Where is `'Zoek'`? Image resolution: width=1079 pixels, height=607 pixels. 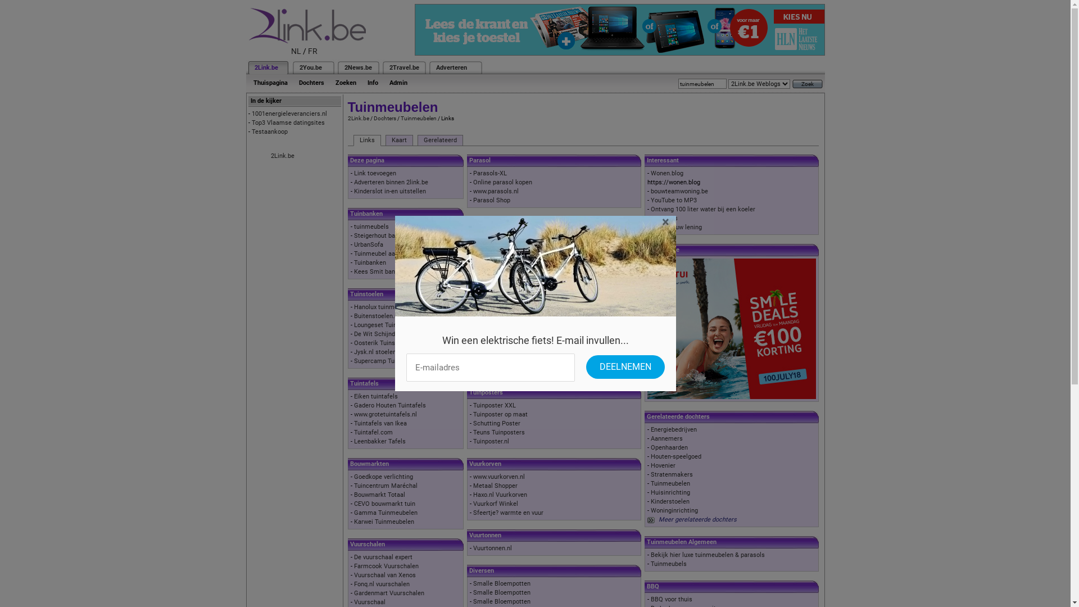 'Zoek' is located at coordinates (806, 83).